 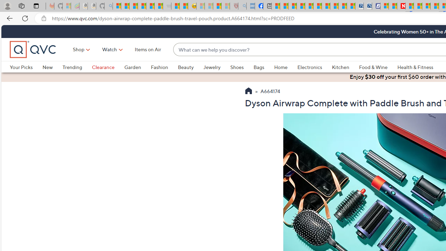 What do you see at coordinates (109, 49) in the screenshot?
I see `'Watch'` at bounding box center [109, 49].